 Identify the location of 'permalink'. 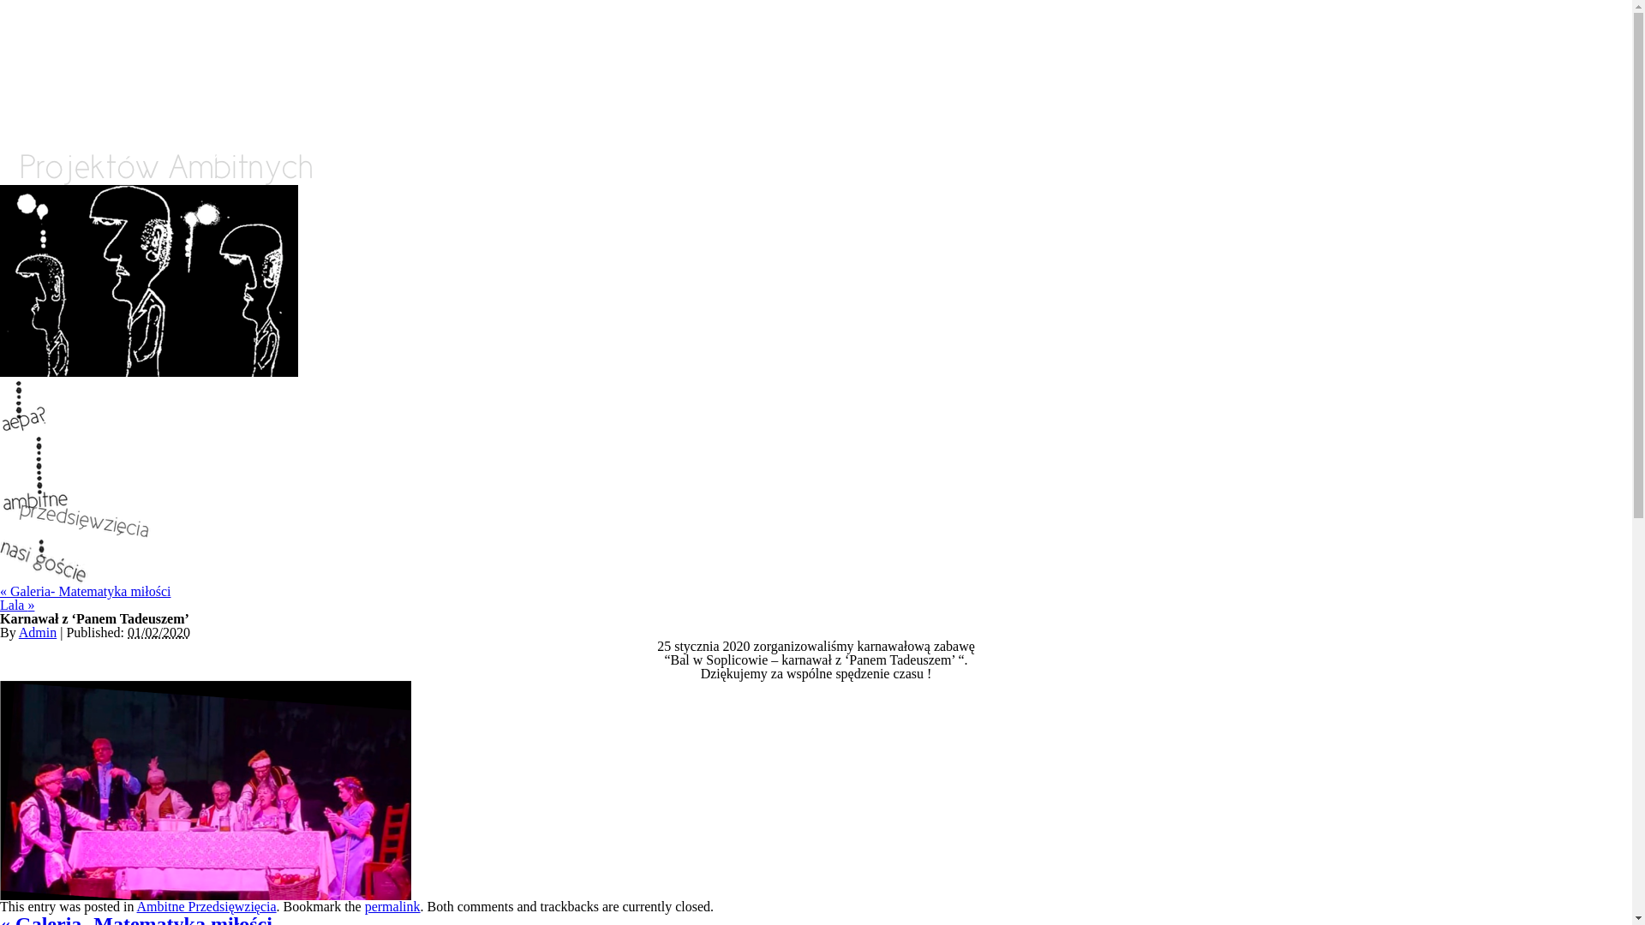
(392, 905).